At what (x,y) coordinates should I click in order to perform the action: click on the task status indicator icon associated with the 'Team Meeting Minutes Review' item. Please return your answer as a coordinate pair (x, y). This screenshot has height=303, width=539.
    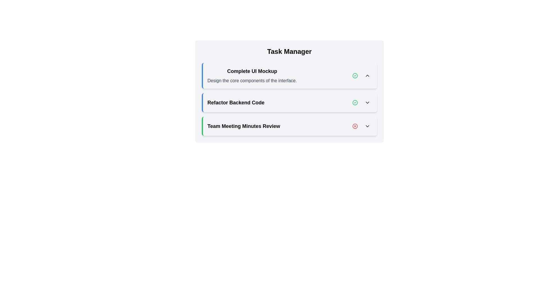
    Looking at the image, I should click on (355, 126).